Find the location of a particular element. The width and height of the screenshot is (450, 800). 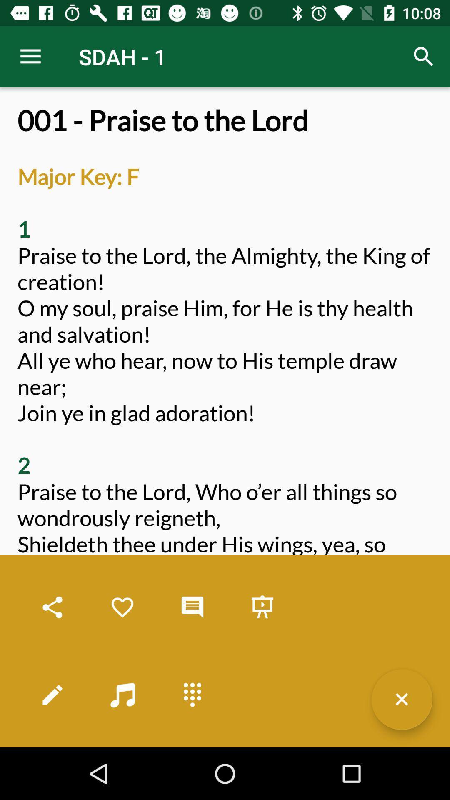

the icon next to the sdah - 1 icon is located at coordinates (30, 56).